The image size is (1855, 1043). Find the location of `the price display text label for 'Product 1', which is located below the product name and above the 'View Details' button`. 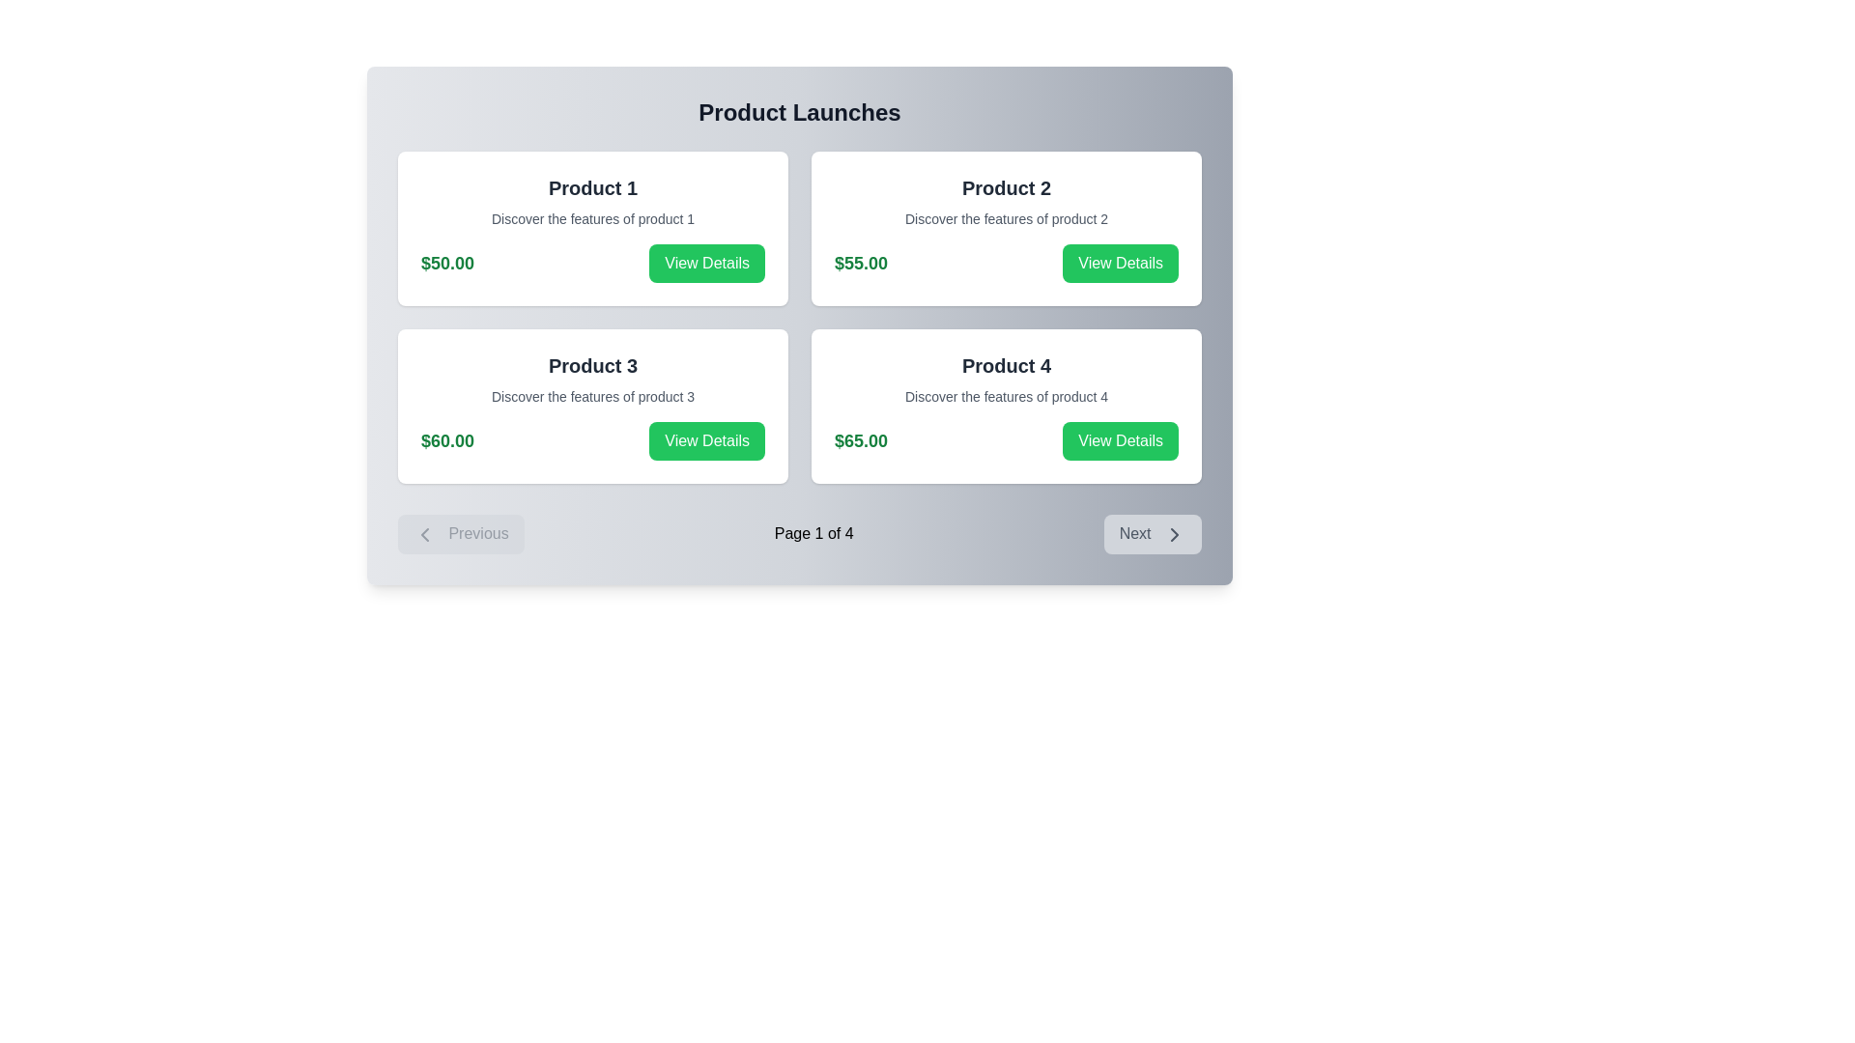

the price display text label for 'Product 1', which is located below the product name and above the 'View Details' button is located at coordinates (446, 264).